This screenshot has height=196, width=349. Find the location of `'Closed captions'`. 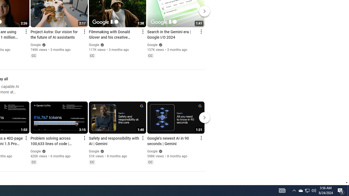

'Closed captions' is located at coordinates (150, 162).